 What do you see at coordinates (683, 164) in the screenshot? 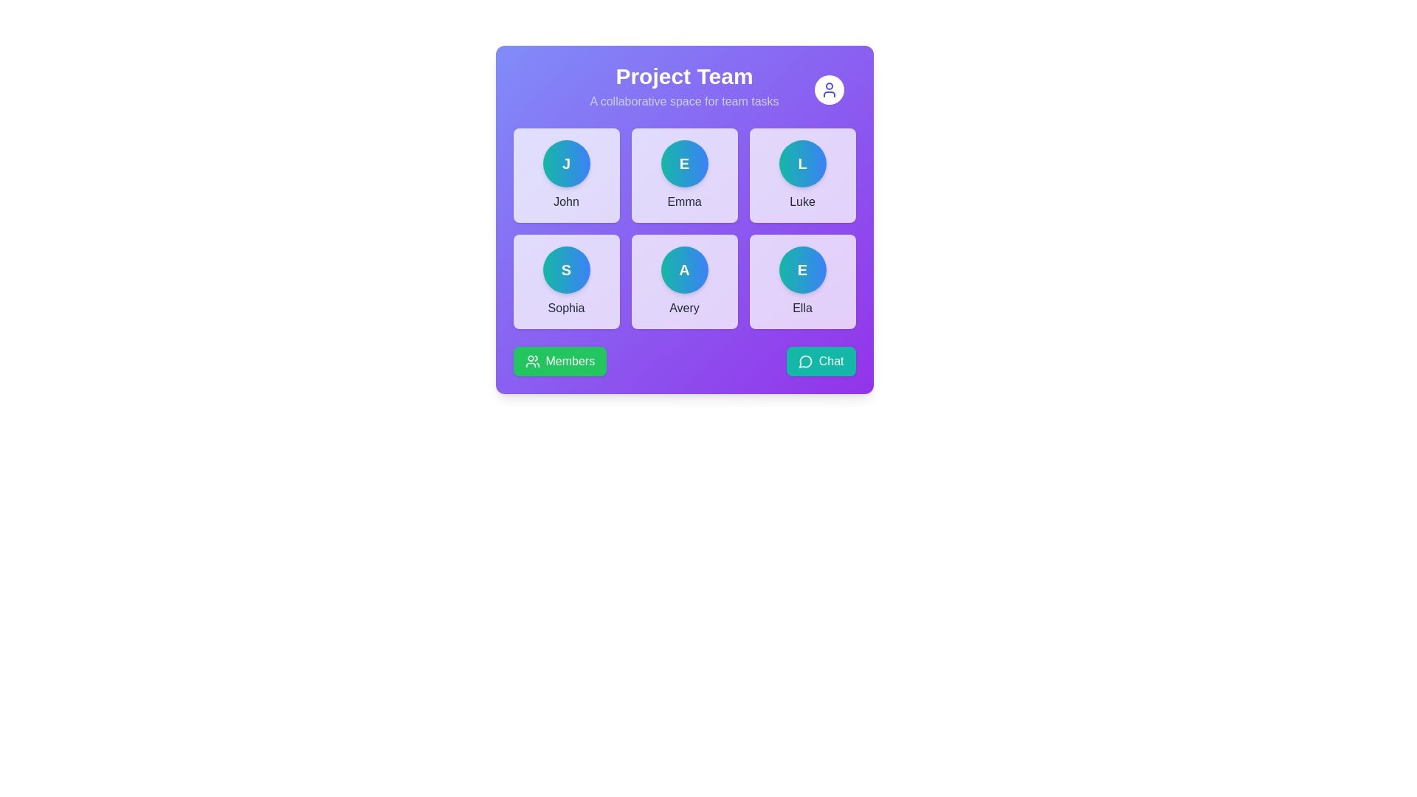
I see `the circular avatar button featuring a gradient background from teal to blue and a bold white letter 'E' centered within it` at bounding box center [683, 164].